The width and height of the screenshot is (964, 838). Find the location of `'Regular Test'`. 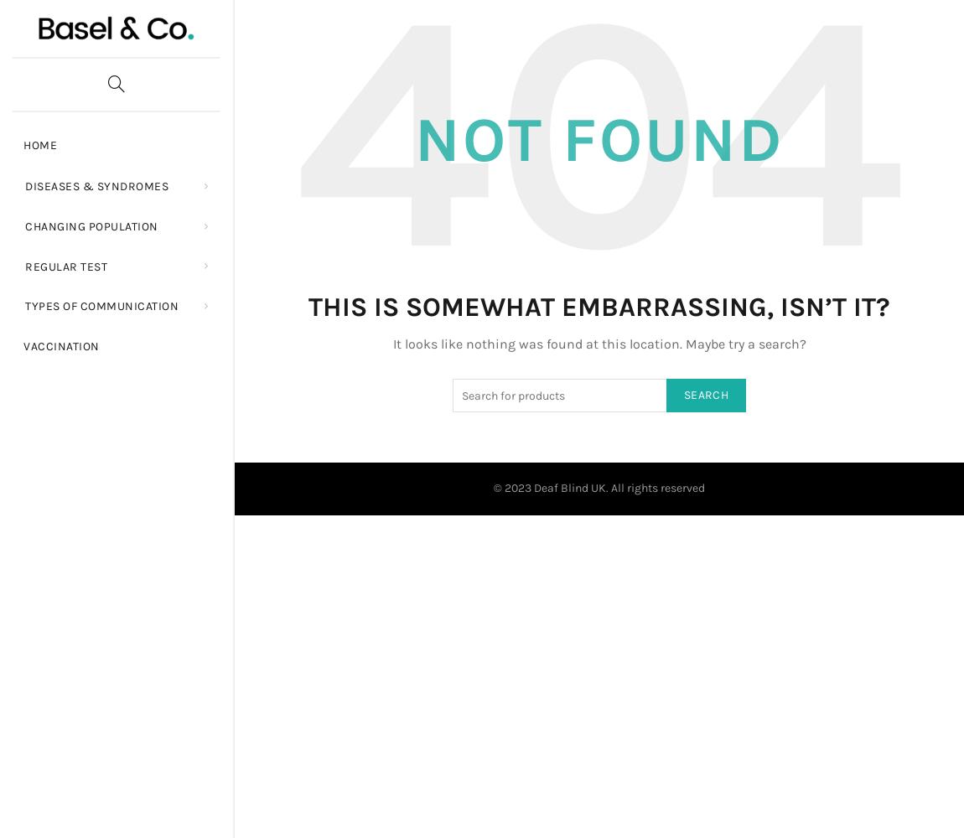

'Regular Test' is located at coordinates (24, 265).